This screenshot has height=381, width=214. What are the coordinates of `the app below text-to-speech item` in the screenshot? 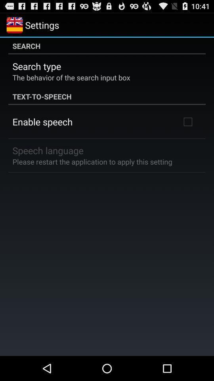 It's located at (42, 121).